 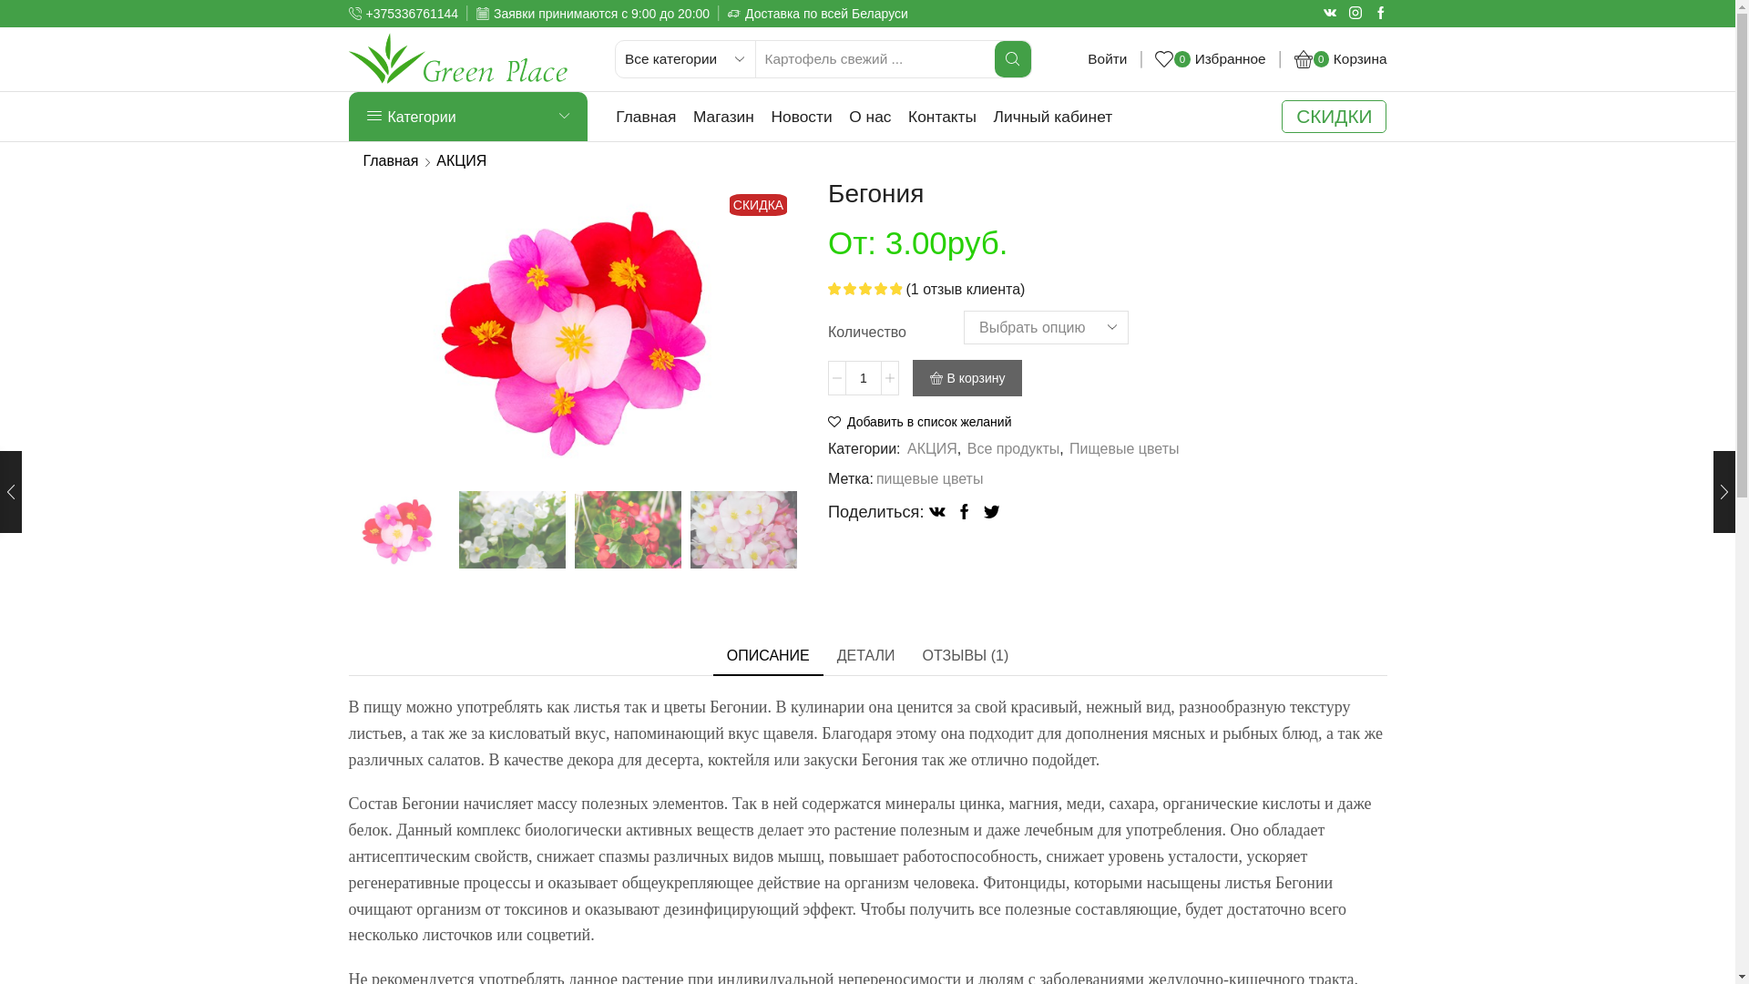 I want to click on 'Vk', so click(x=1329, y=14).